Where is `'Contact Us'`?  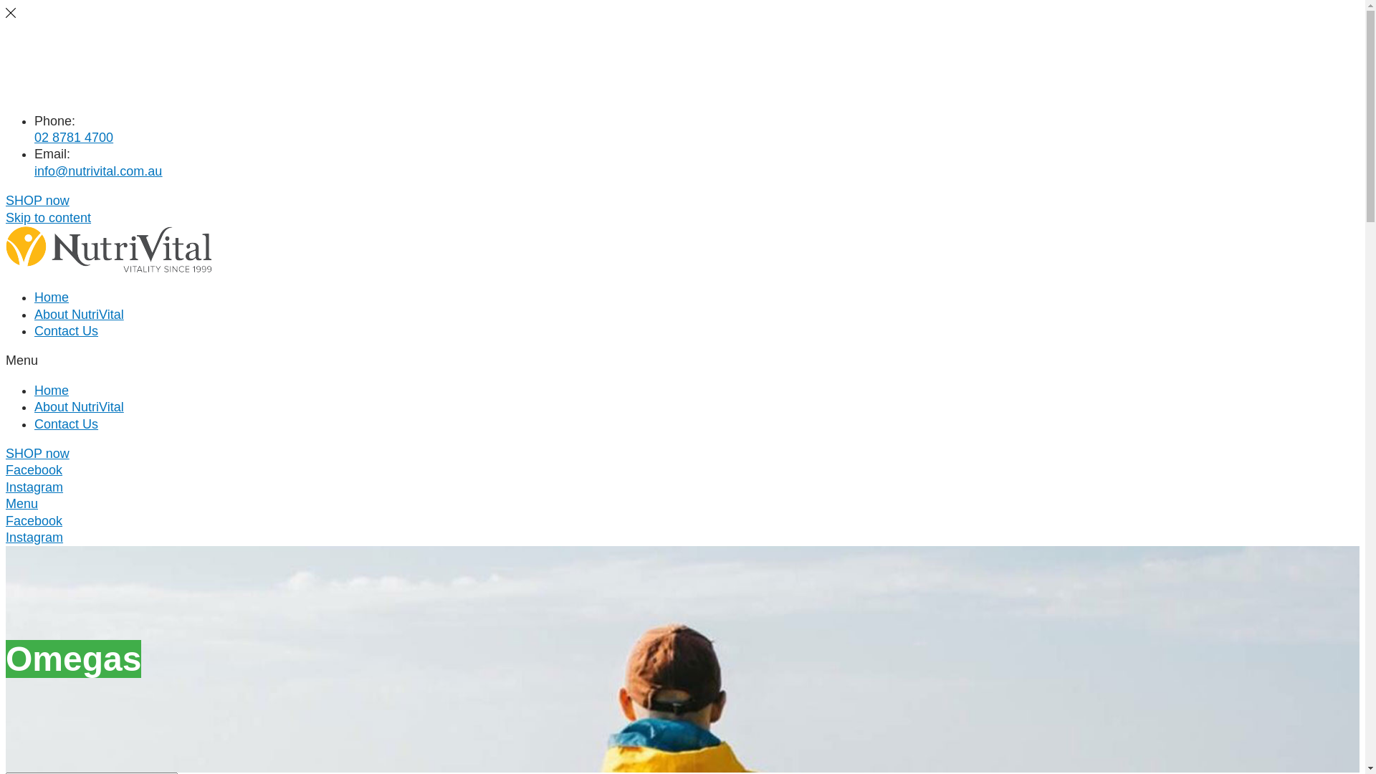
'Contact Us' is located at coordinates (65, 91).